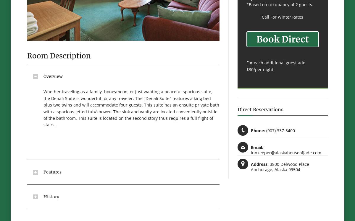  I want to click on 'For each additional guest add $30/per night.', so click(276, 66).